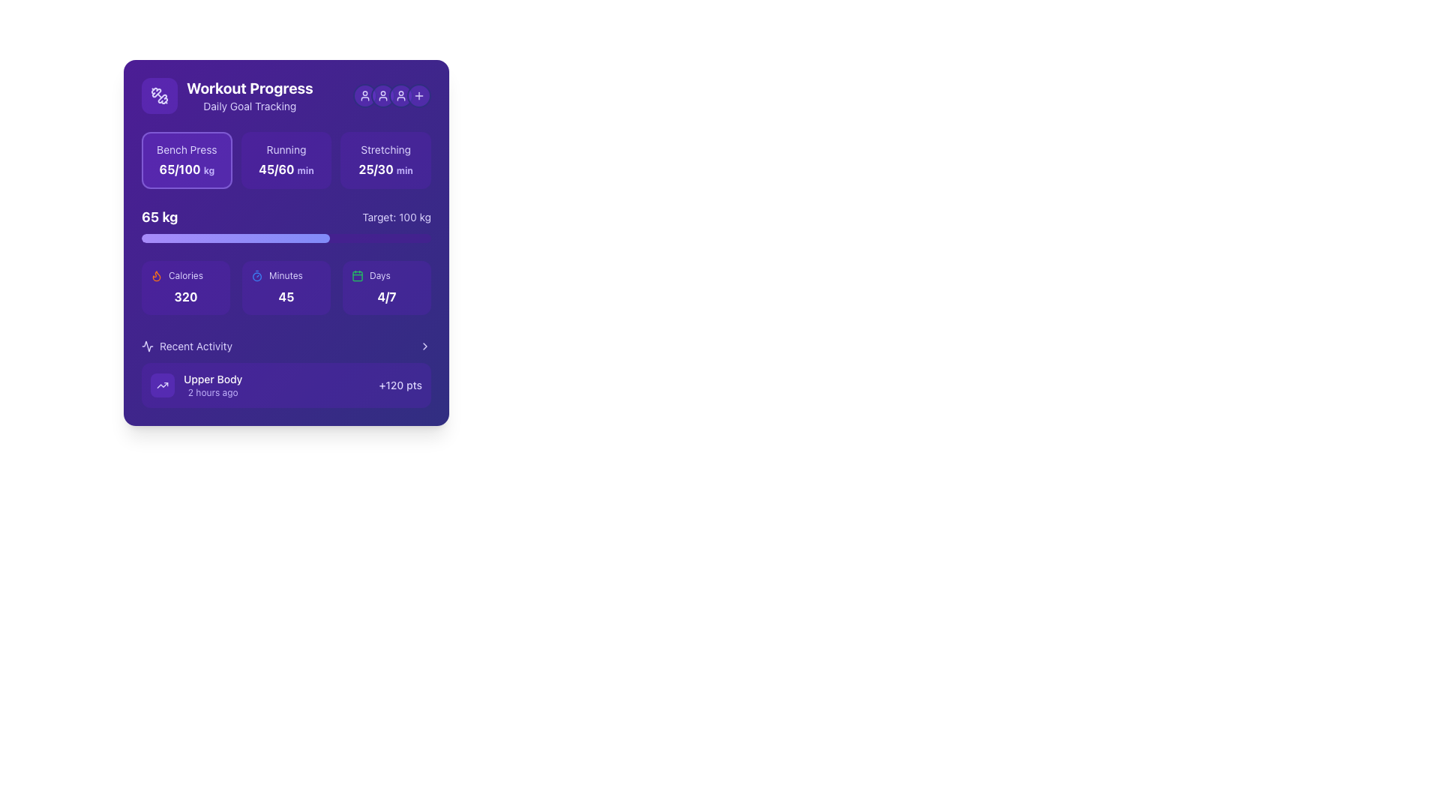 This screenshot has width=1440, height=810. I want to click on the informational block with a purple background containing the text 'Running' and '45/60 min', located between 'Bench Press' and 'Stretching' in the 'Workout Progress' section, so click(286, 160).